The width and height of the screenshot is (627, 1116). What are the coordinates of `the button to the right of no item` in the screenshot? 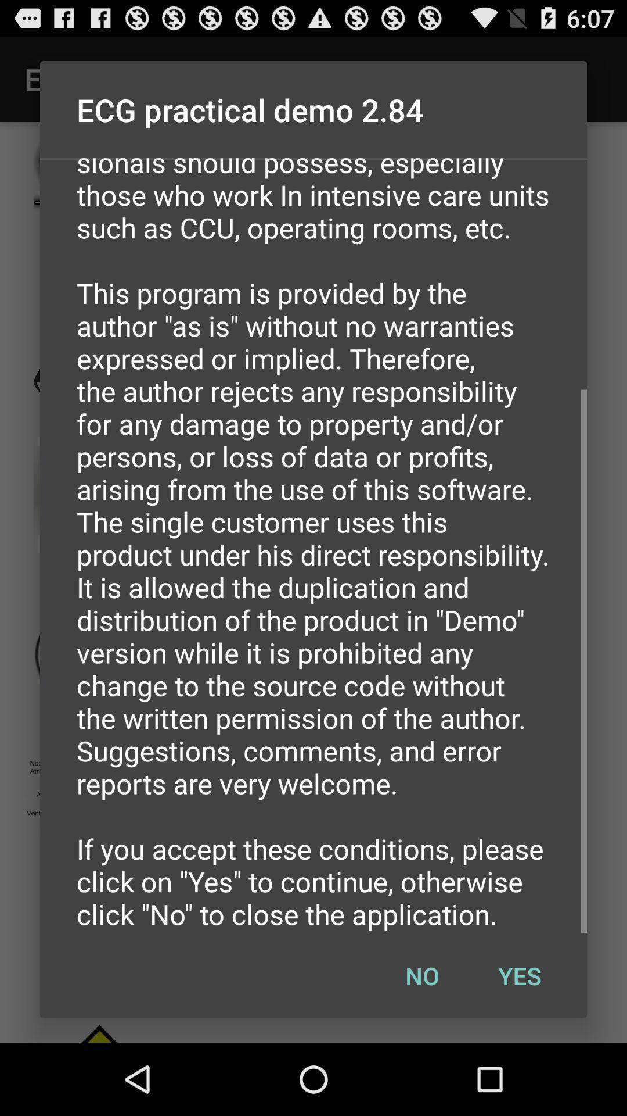 It's located at (519, 975).